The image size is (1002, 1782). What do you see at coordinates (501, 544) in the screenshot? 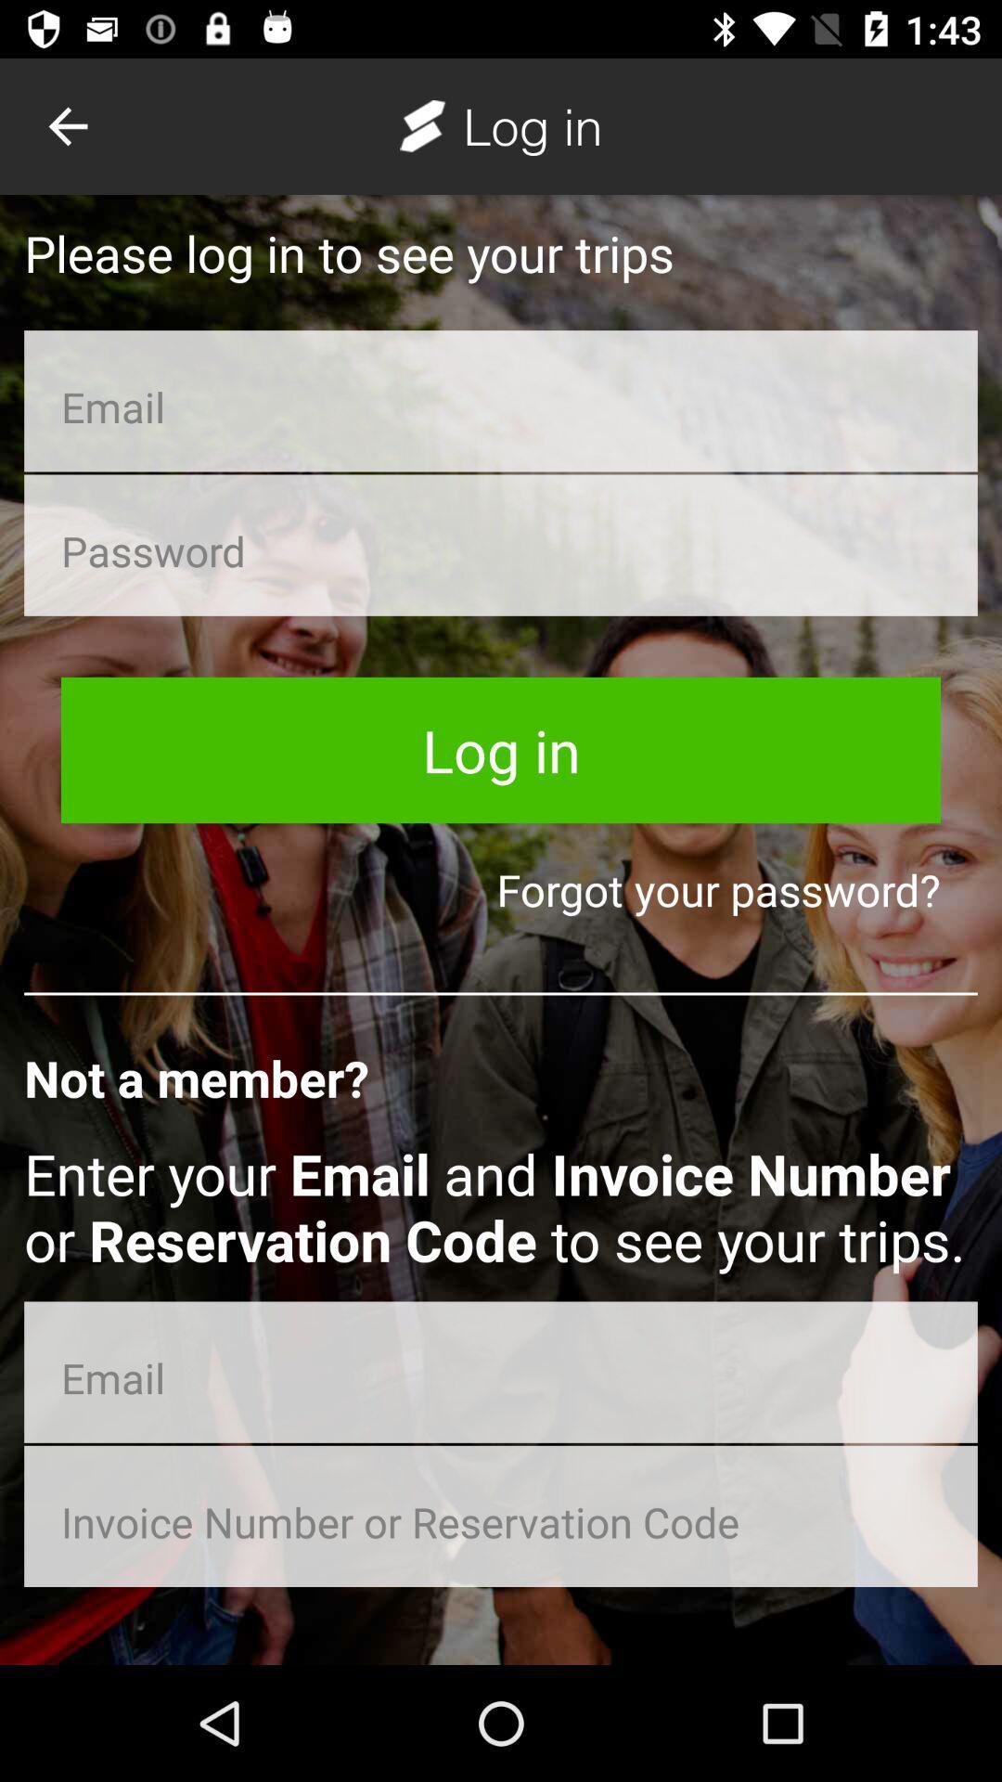
I see `password` at bounding box center [501, 544].